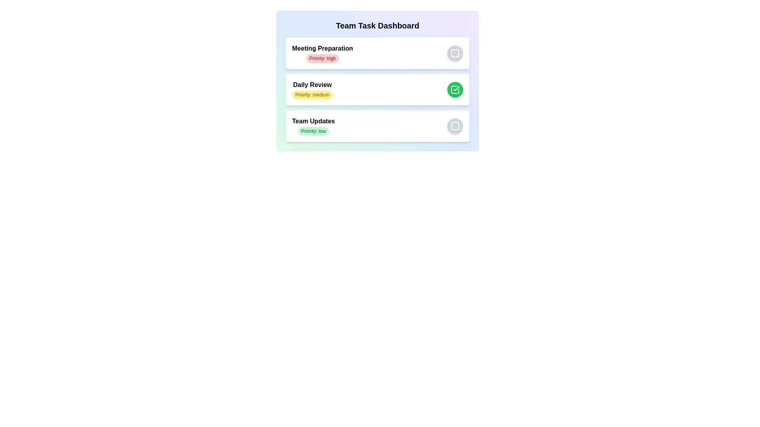  Describe the element at coordinates (322, 58) in the screenshot. I see `the task with priority high` at that location.